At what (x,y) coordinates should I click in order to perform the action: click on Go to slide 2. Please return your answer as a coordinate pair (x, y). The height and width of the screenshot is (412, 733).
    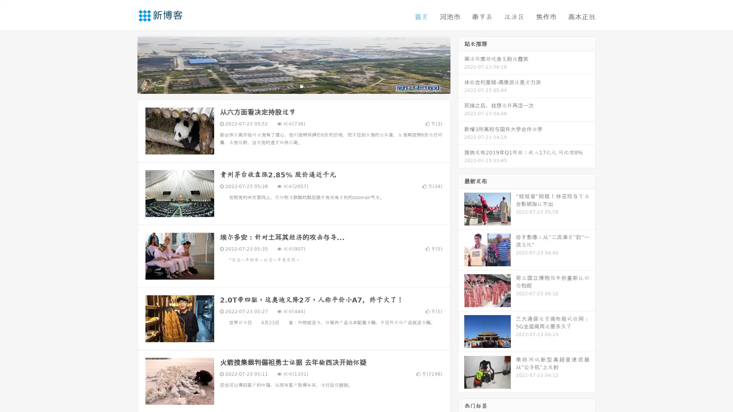
    Looking at the image, I should click on (293, 86).